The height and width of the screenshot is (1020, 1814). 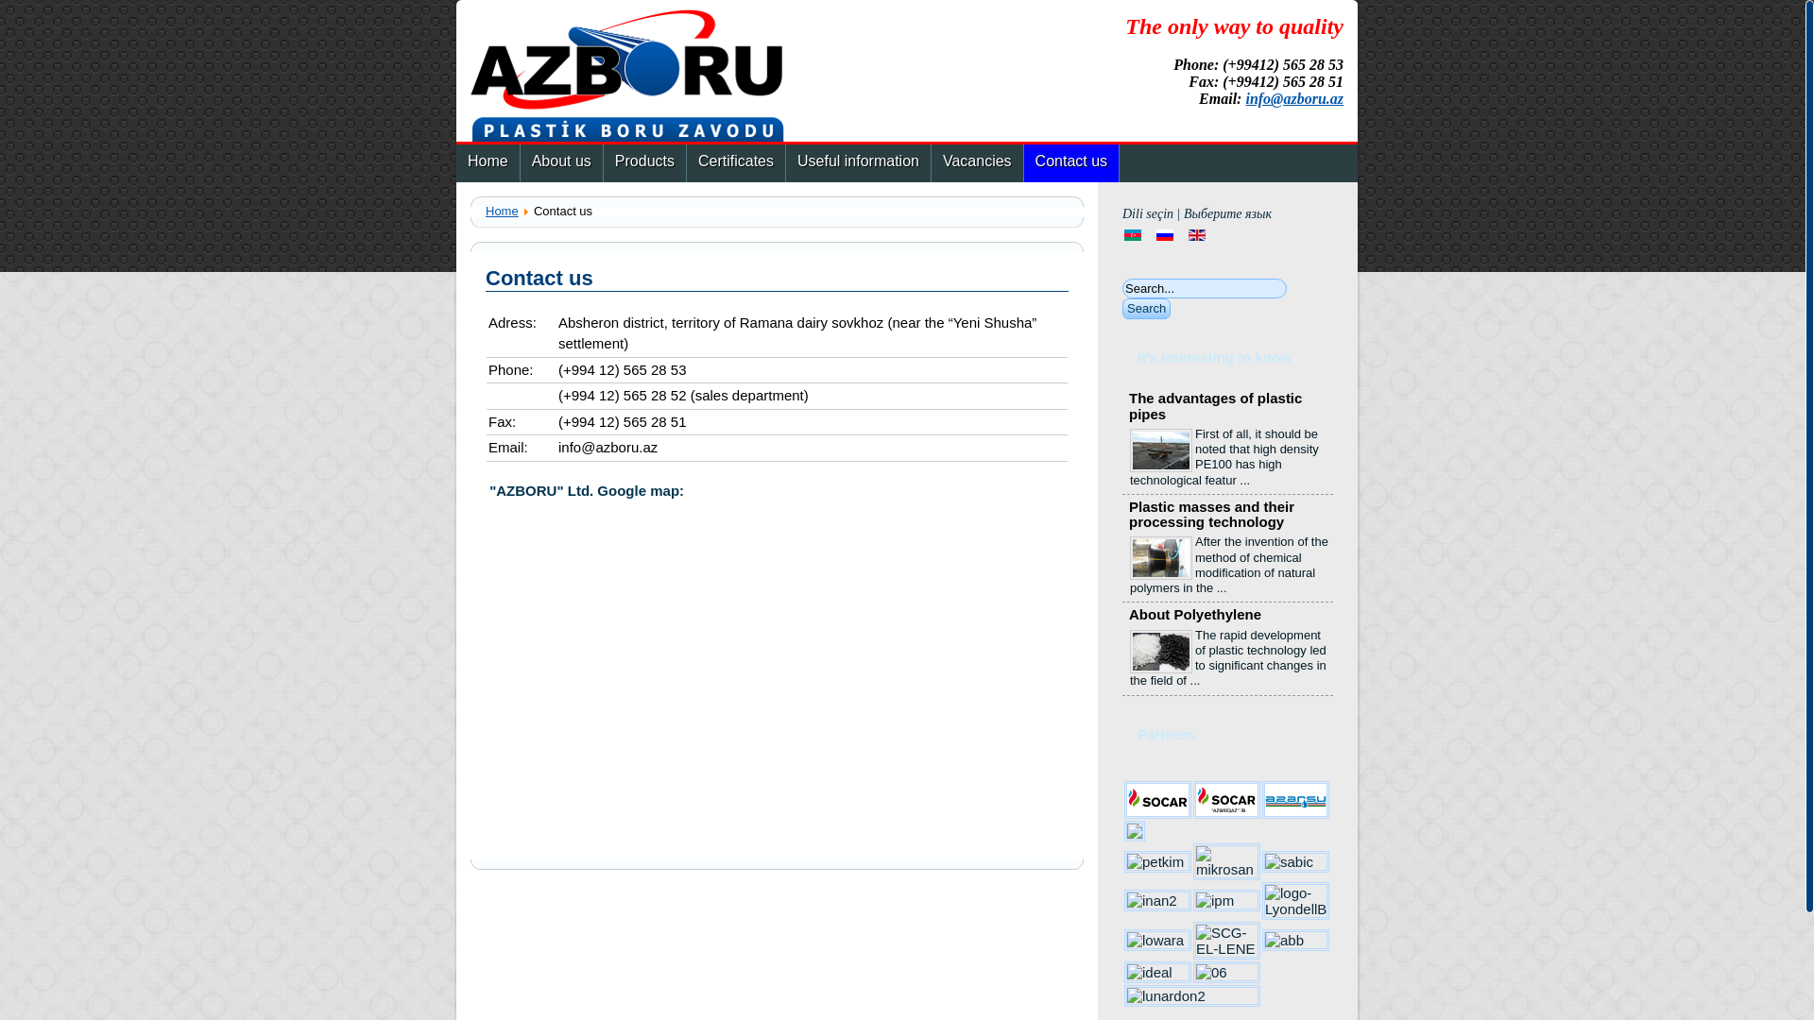 What do you see at coordinates (785, 162) in the screenshot?
I see `'Useful information'` at bounding box center [785, 162].